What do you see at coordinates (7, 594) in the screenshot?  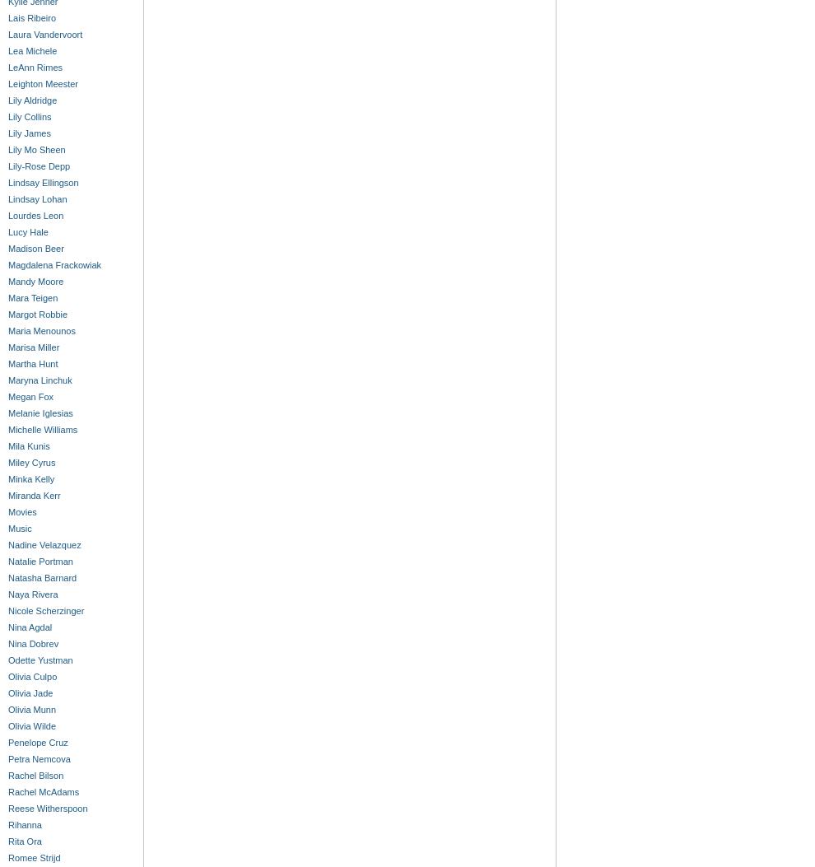 I see `'Naya Rivera'` at bounding box center [7, 594].